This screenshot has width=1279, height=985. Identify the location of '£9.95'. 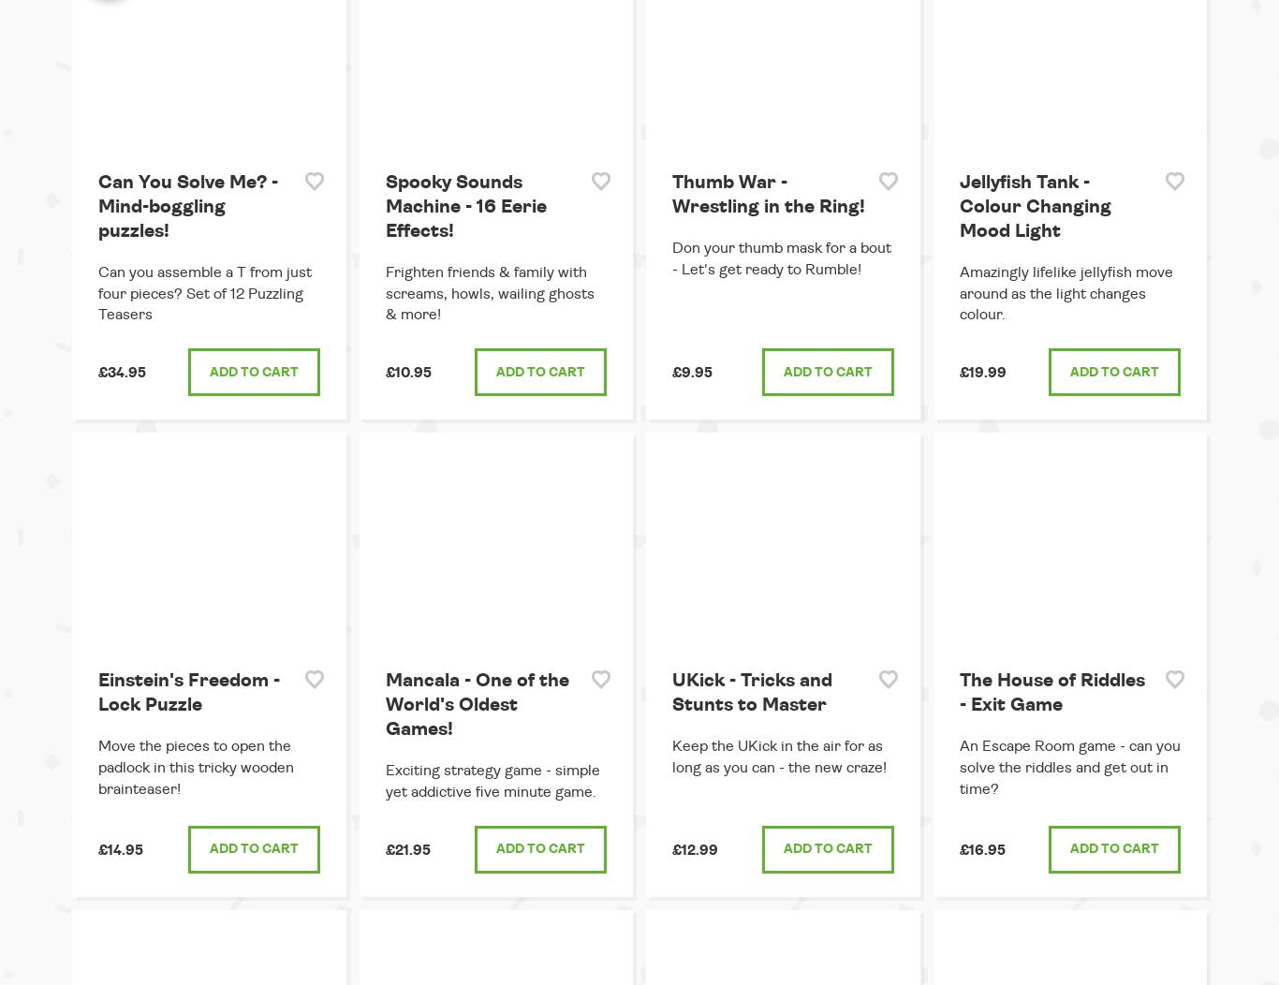
(692, 372).